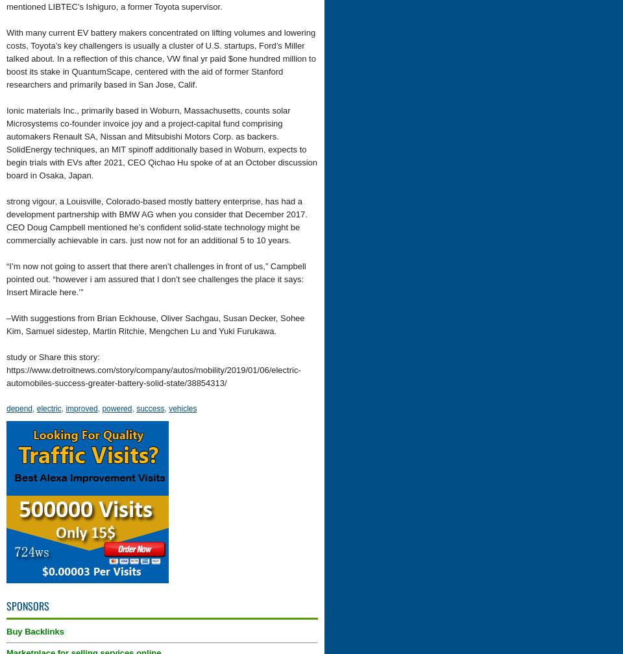 The height and width of the screenshot is (654, 623). I want to click on 'Buy Backlinks', so click(5, 631).